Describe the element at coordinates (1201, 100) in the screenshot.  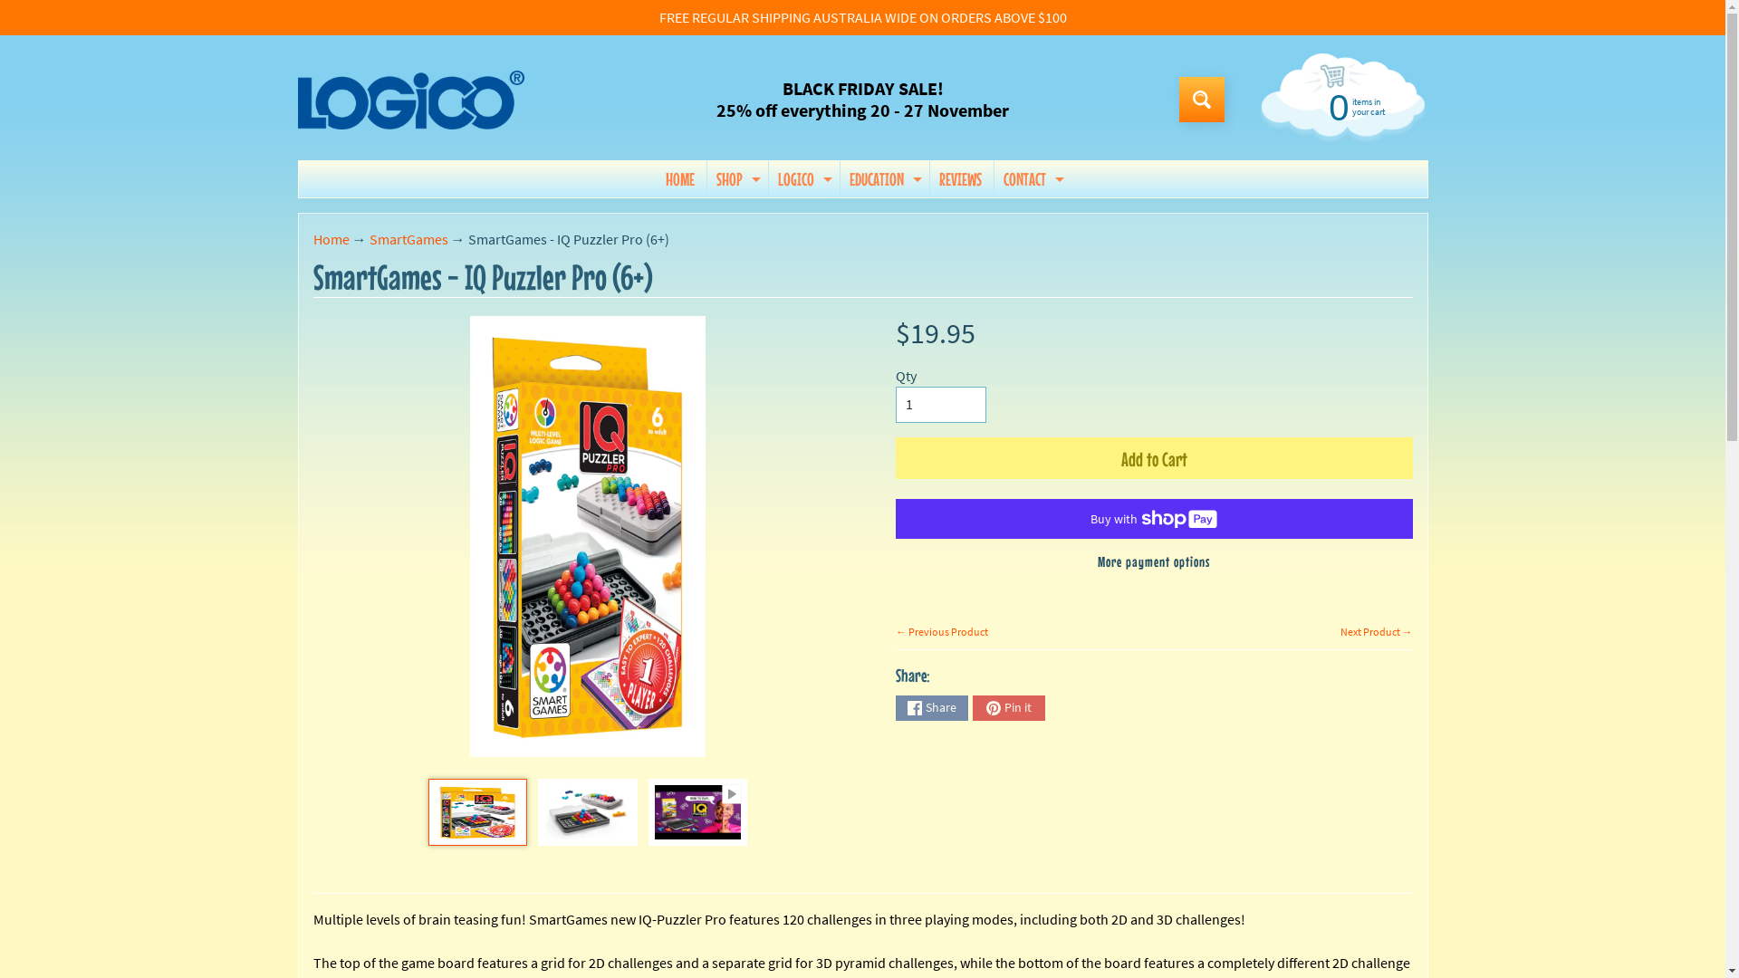
I see `'Search'` at that location.